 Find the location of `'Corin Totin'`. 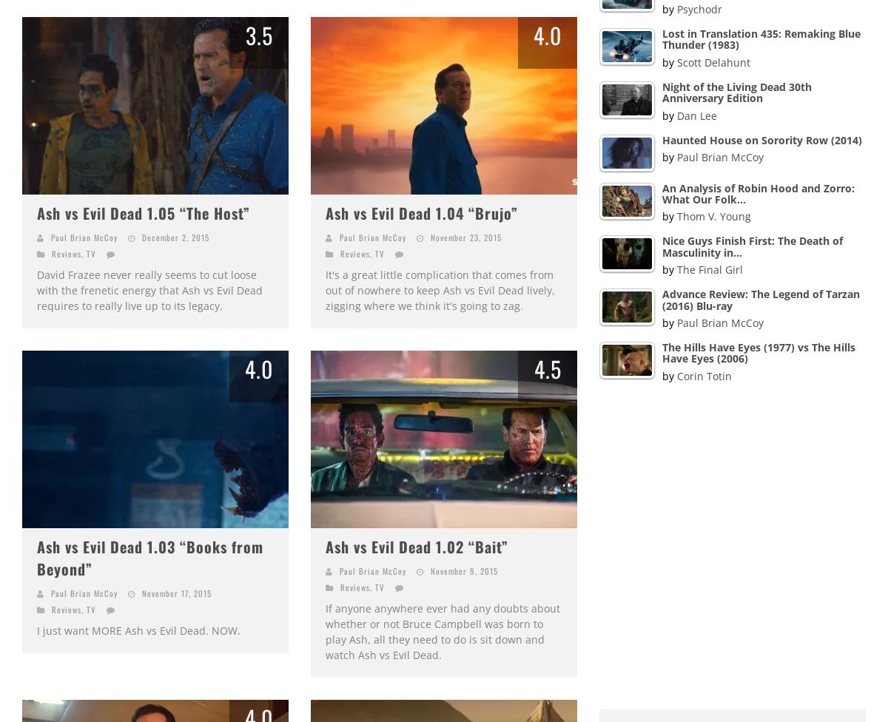

'Corin Totin' is located at coordinates (704, 375).